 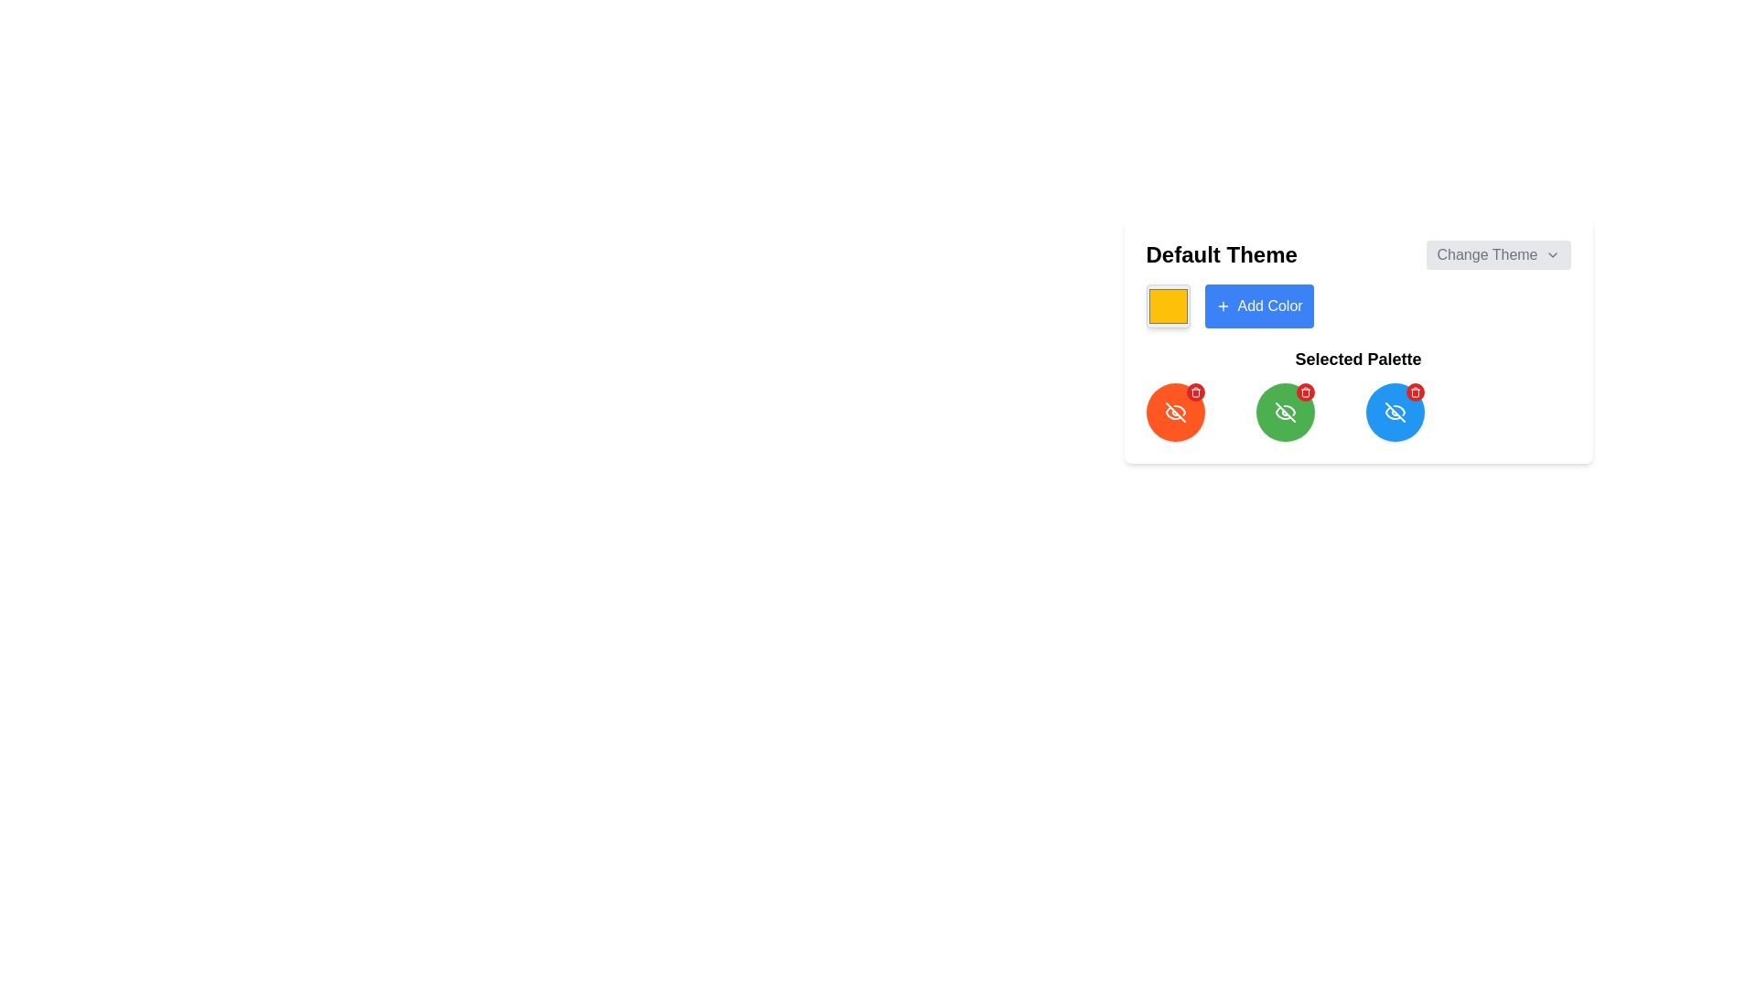 What do you see at coordinates (1195, 391) in the screenshot?
I see `the trash bin icon button located at the top-right corner of the circular palette item in the 'Selected Palette' section` at bounding box center [1195, 391].